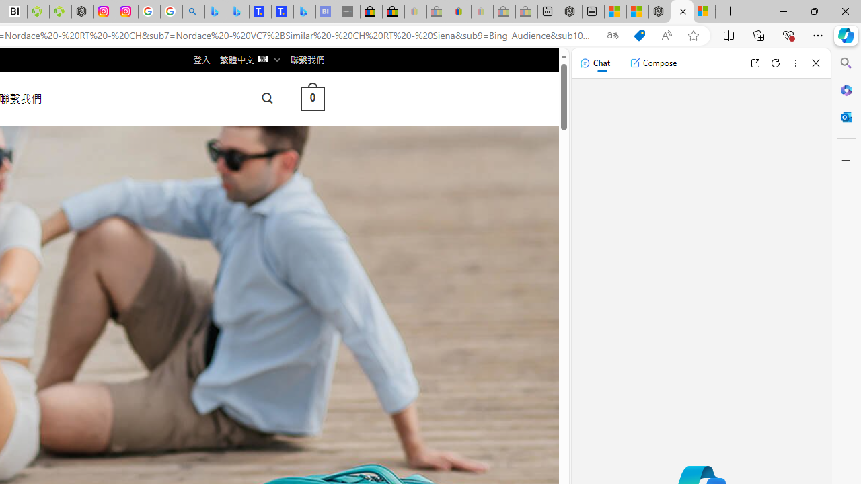  I want to click on 'Microsoft Bing Travel - Flights from Hong Kong to Bangkok', so click(215, 11).